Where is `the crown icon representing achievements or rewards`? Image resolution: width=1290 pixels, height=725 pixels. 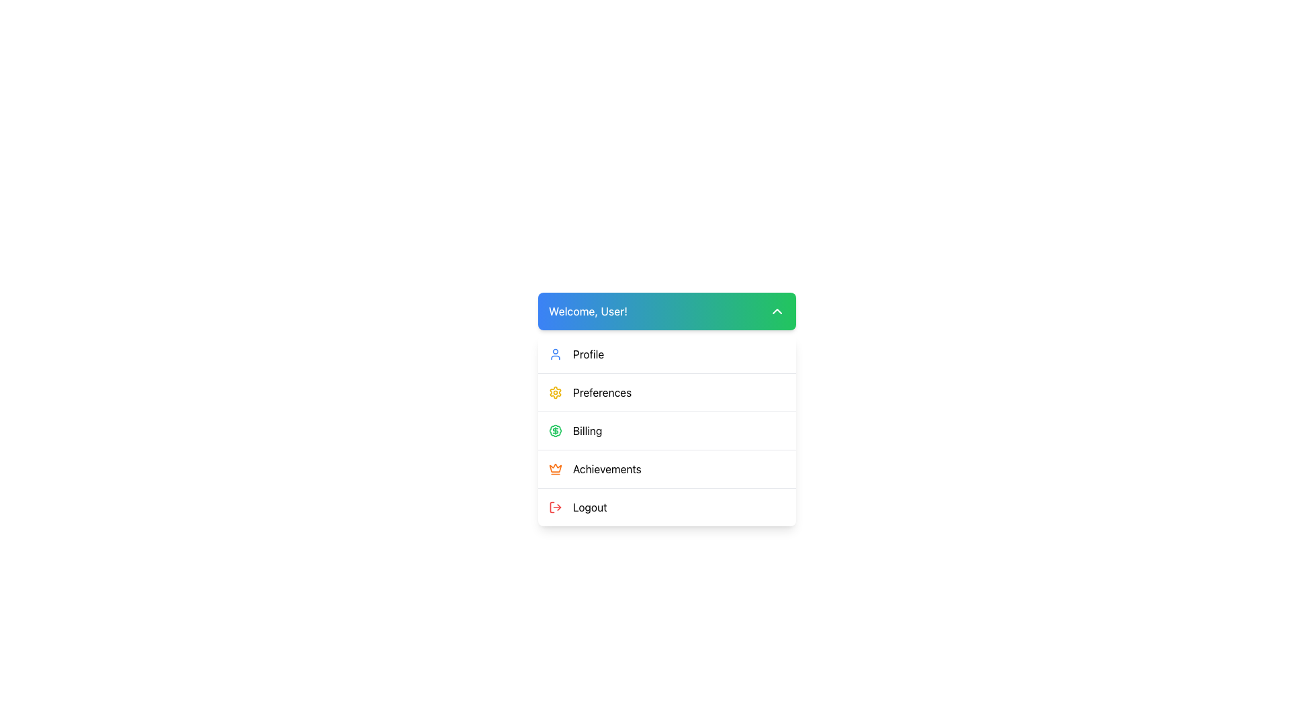 the crown icon representing achievements or rewards is located at coordinates (555, 467).